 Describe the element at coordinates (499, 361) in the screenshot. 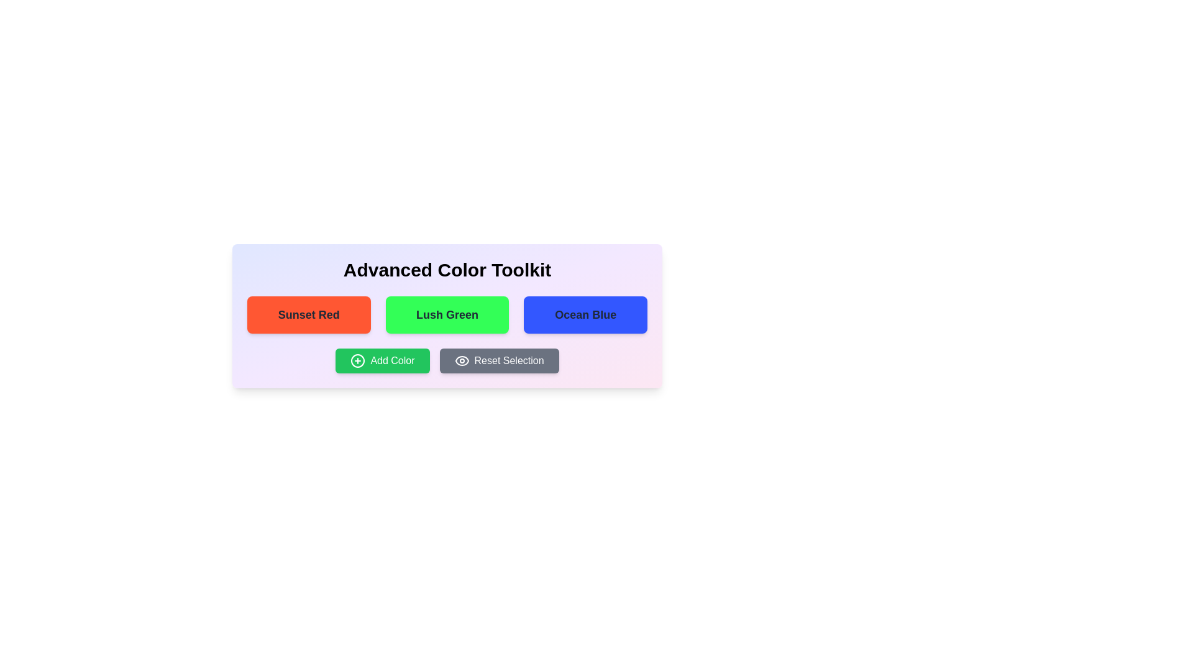

I see `the 'Reset Selection' button, which is a gray rectangular button with rounded corners and white text, located to the right of the 'Add Color' button` at that location.